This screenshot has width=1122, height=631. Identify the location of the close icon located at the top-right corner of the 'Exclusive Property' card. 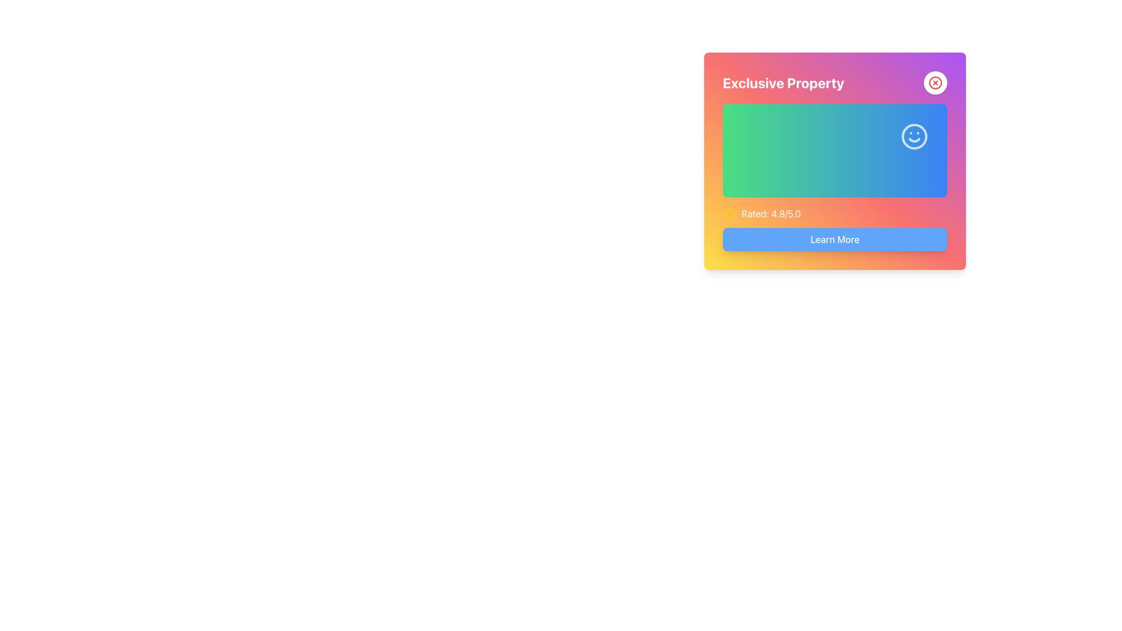
(936, 82).